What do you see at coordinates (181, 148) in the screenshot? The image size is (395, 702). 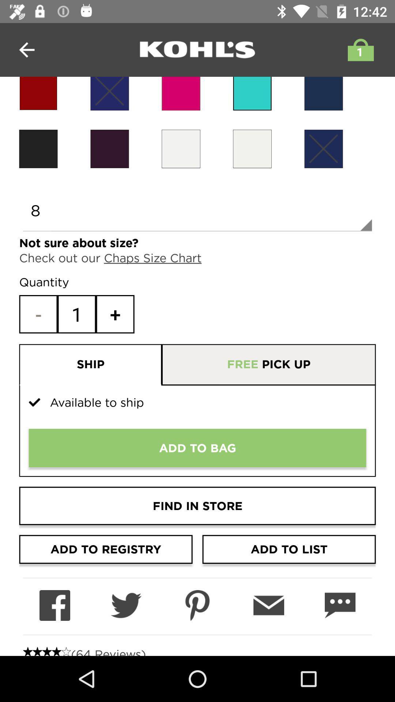 I see `orange` at bounding box center [181, 148].